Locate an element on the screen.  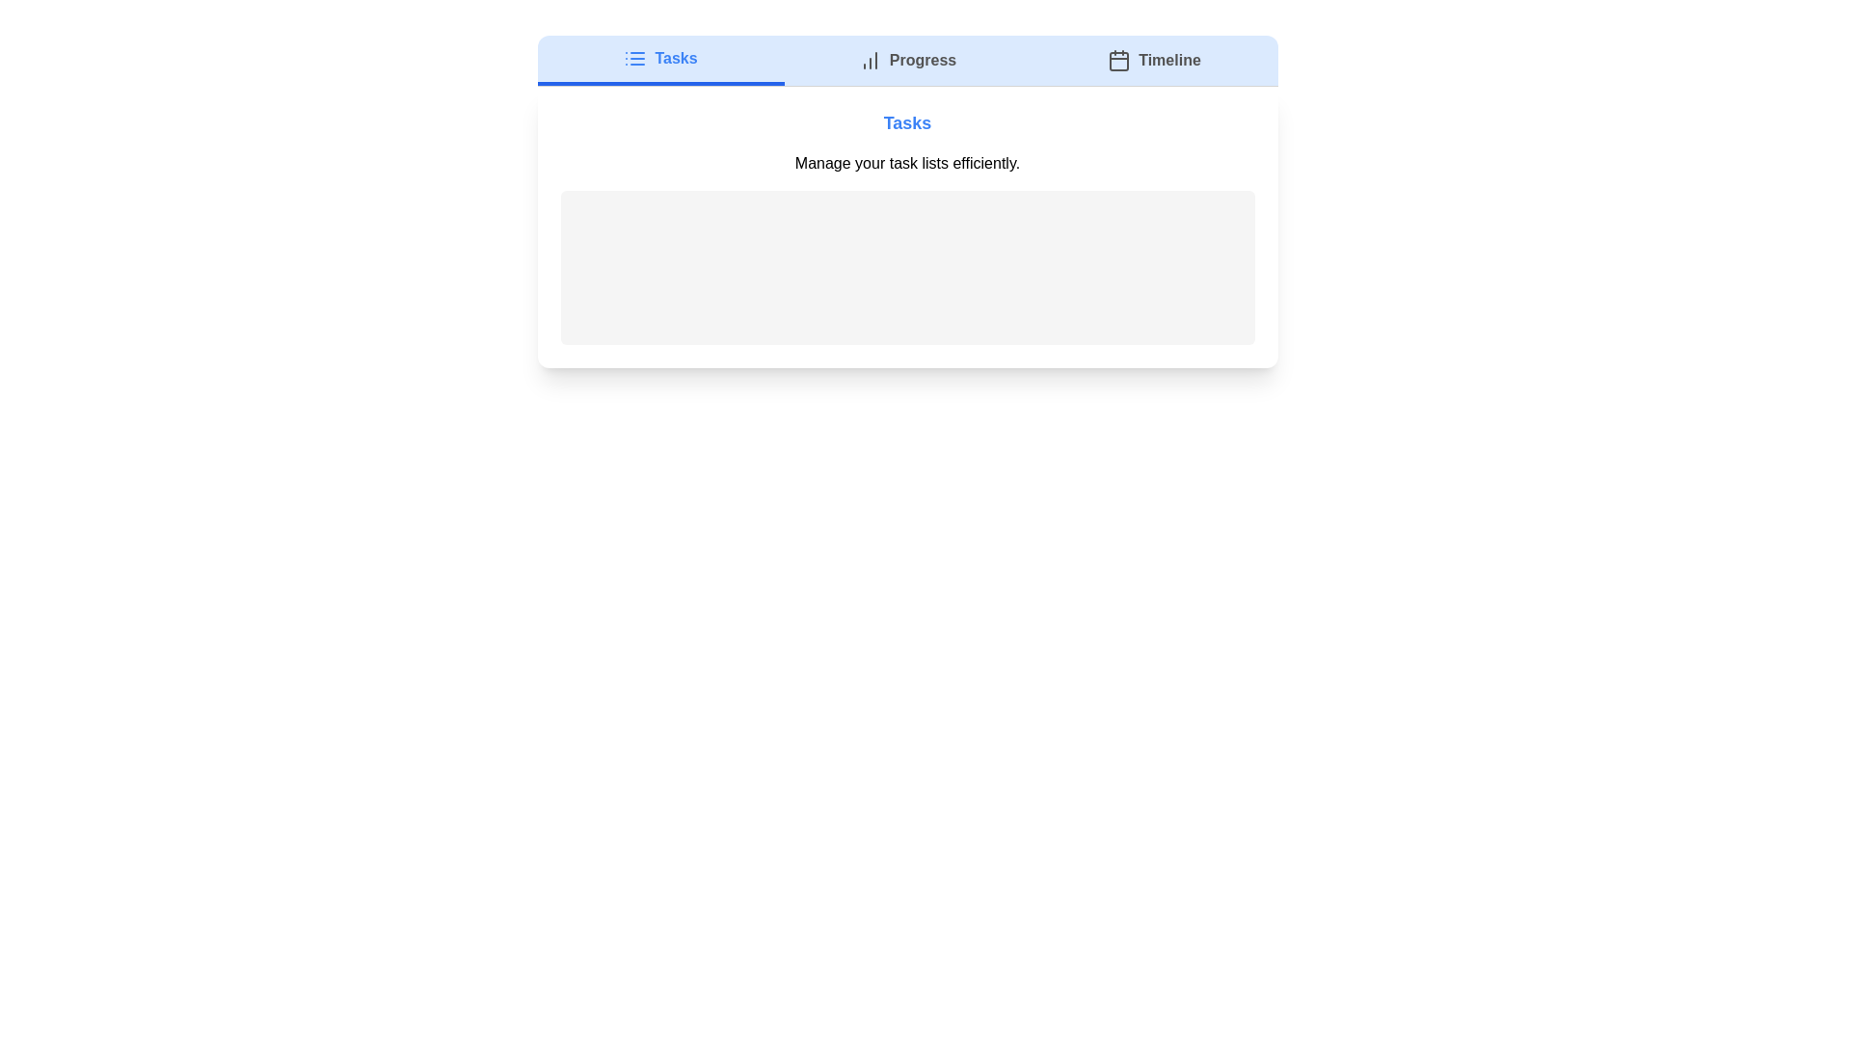
the first tab on the tabbed header bar is located at coordinates (660, 59).